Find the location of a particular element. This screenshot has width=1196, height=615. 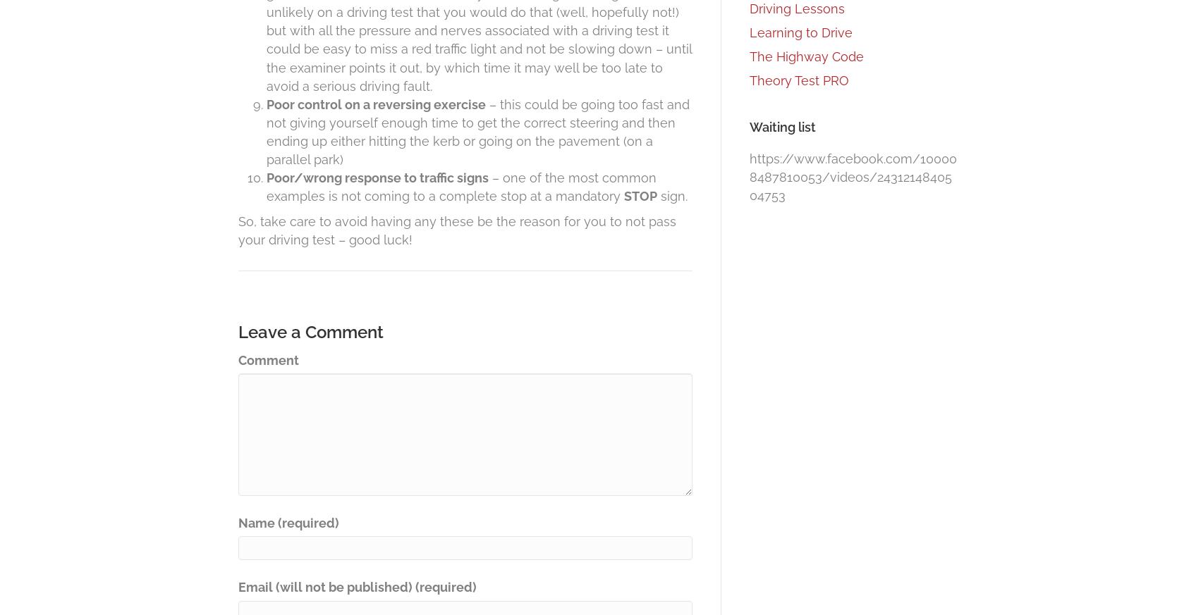

'Theory Test PRO' is located at coordinates (799, 80).